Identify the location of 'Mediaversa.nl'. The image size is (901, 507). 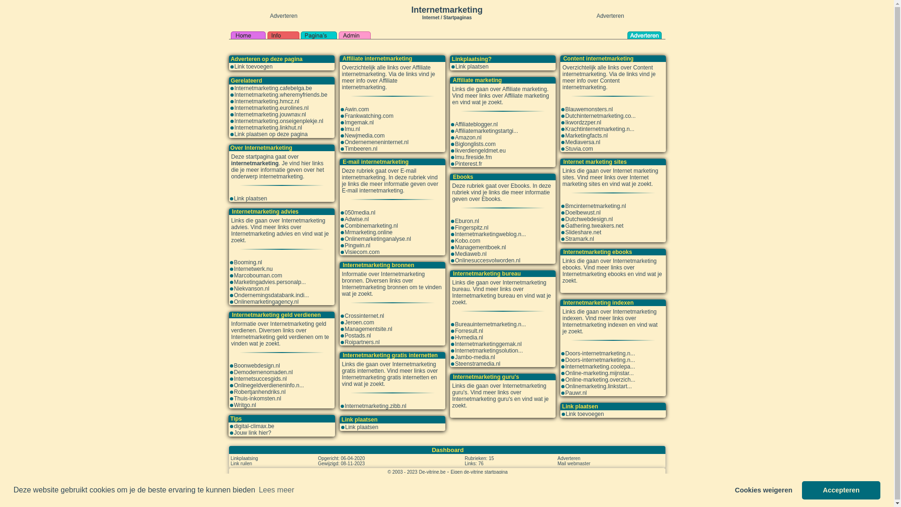
(582, 142).